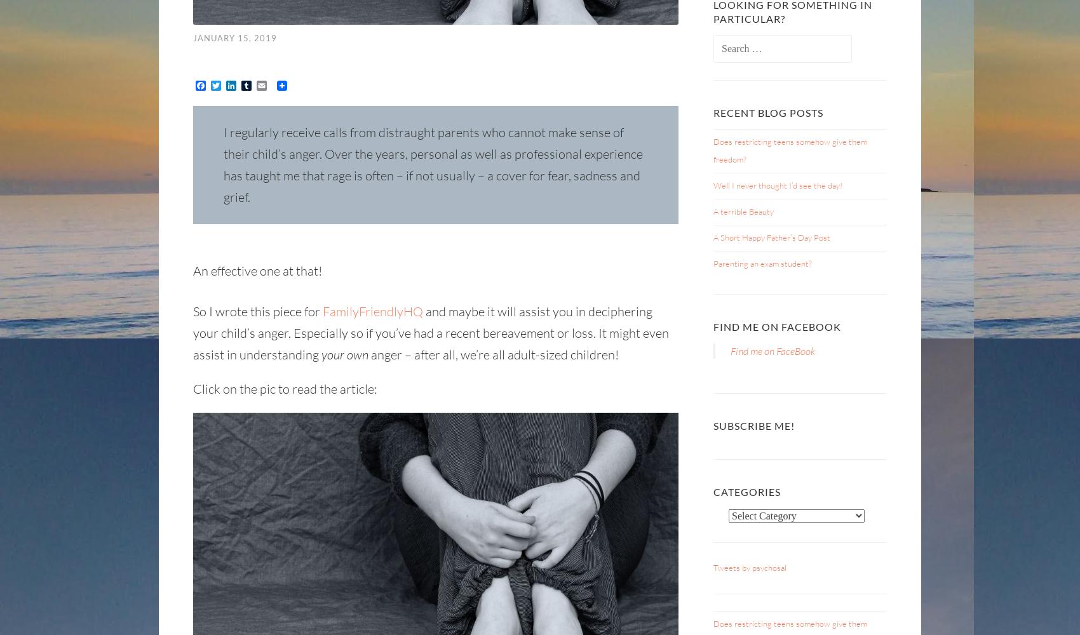  I want to click on 'Subscribe me!', so click(753, 425).